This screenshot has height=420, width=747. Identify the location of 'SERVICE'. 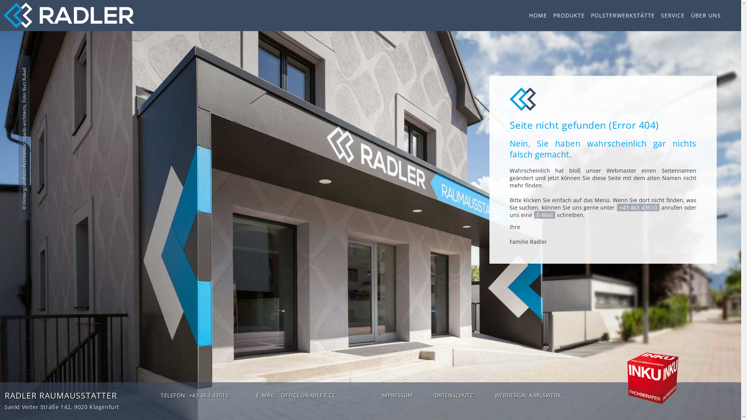
(672, 15).